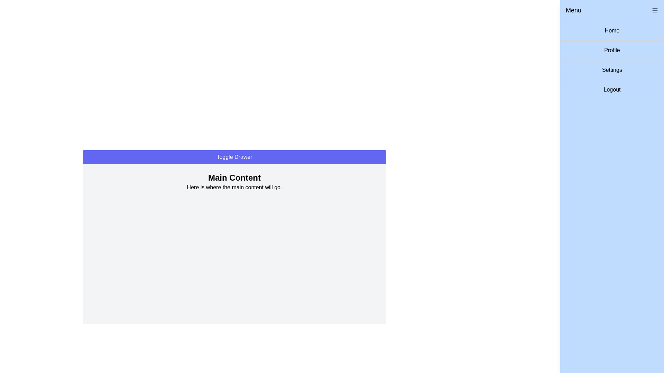 This screenshot has height=373, width=664. What do you see at coordinates (655, 10) in the screenshot?
I see `the menu icon button represented by three horizontal lines located at the top-right corner of the menu header` at bounding box center [655, 10].